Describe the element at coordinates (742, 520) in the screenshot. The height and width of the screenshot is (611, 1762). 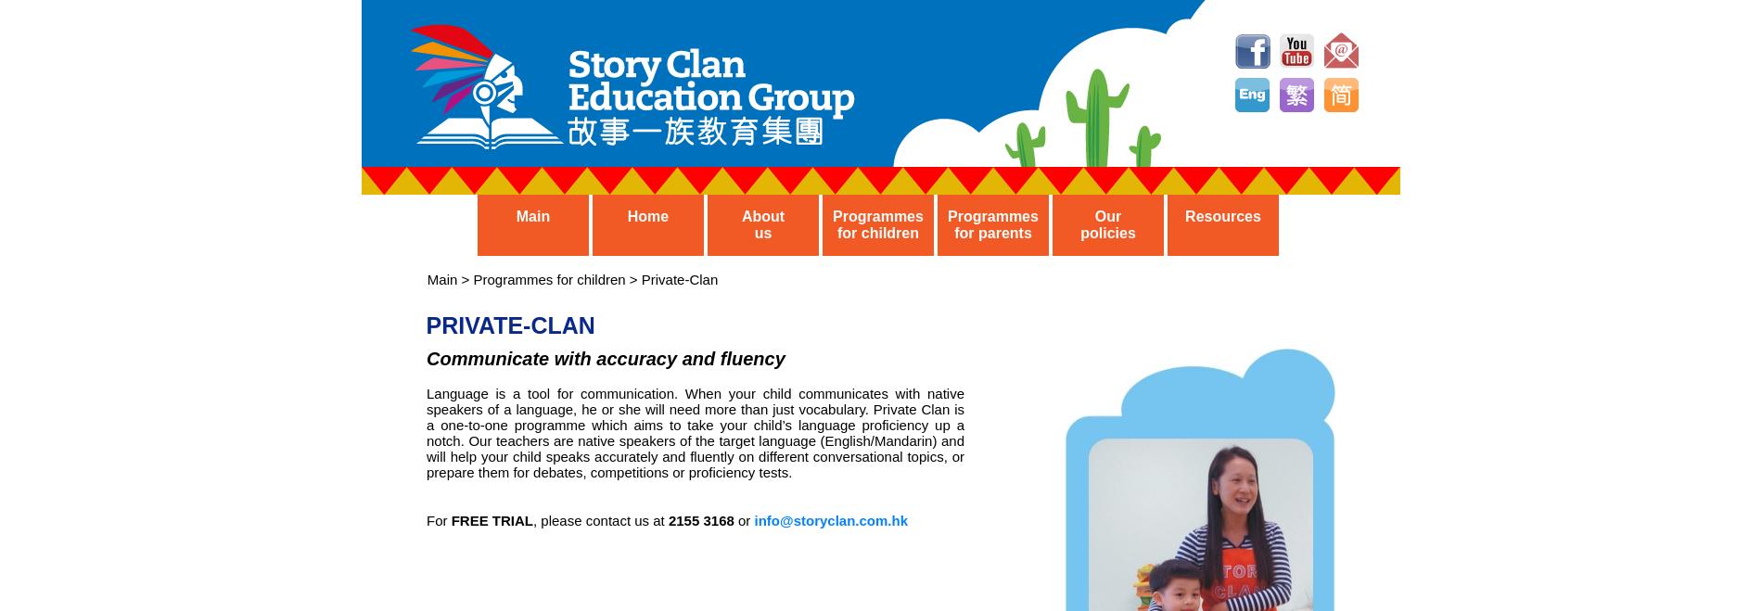
I see `'or'` at that location.